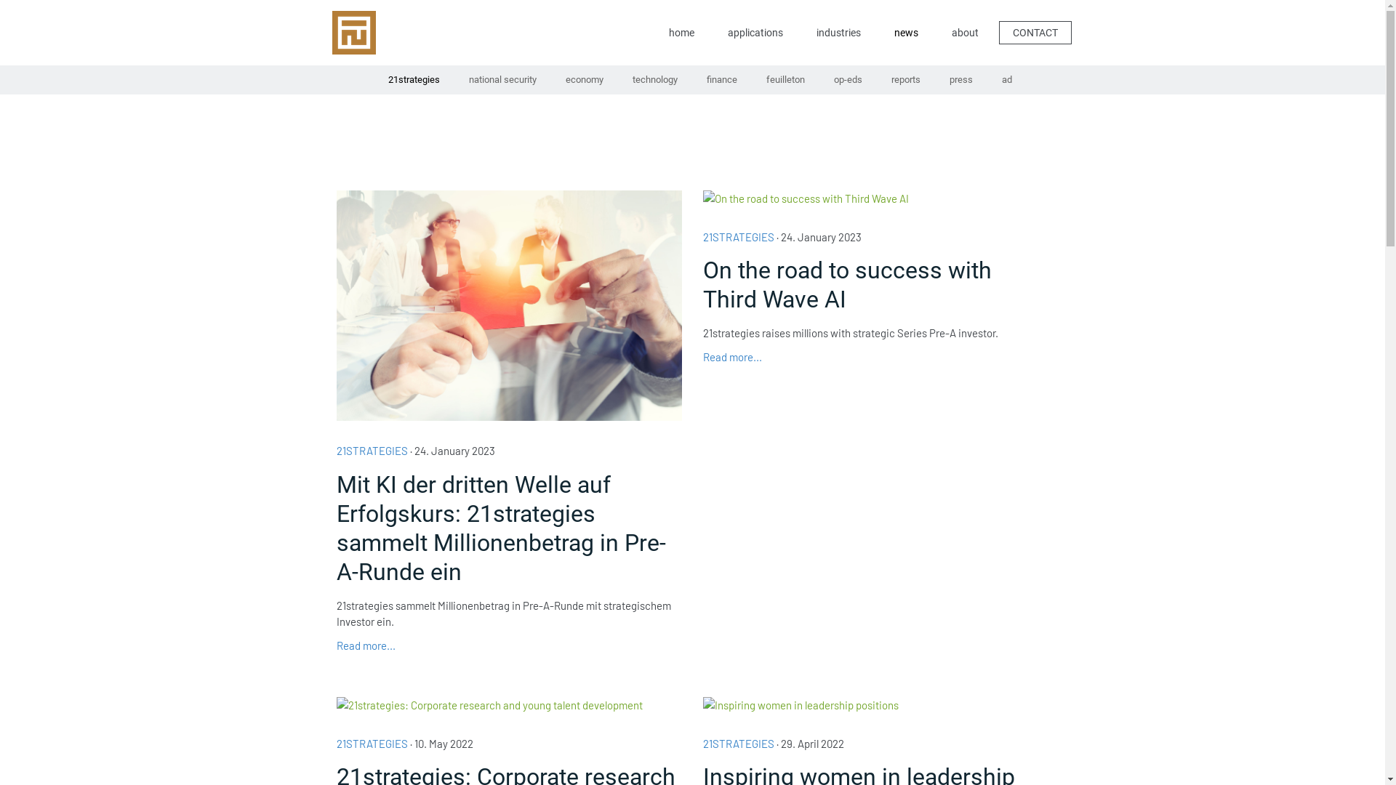  What do you see at coordinates (905, 80) in the screenshot?
I see `'reports'` at bounding box center [905, 80].